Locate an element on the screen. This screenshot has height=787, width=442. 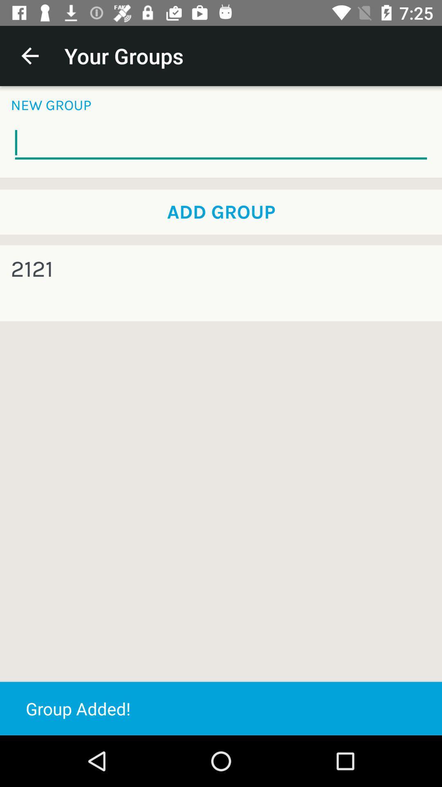
icon above 2121 icon is located at coordinates (221, 212).